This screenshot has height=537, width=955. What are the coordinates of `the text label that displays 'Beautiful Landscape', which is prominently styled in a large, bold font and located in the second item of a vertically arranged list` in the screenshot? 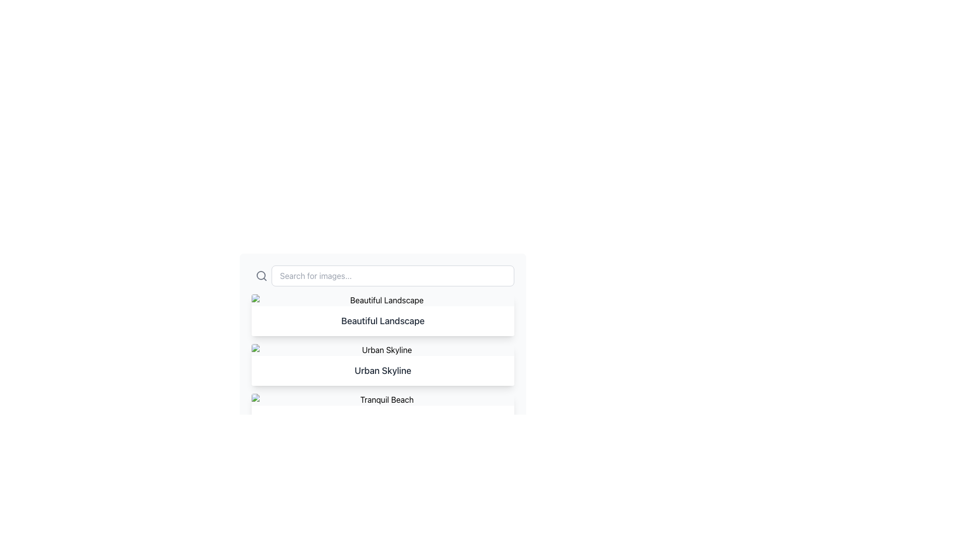 It's located at (382, 321).